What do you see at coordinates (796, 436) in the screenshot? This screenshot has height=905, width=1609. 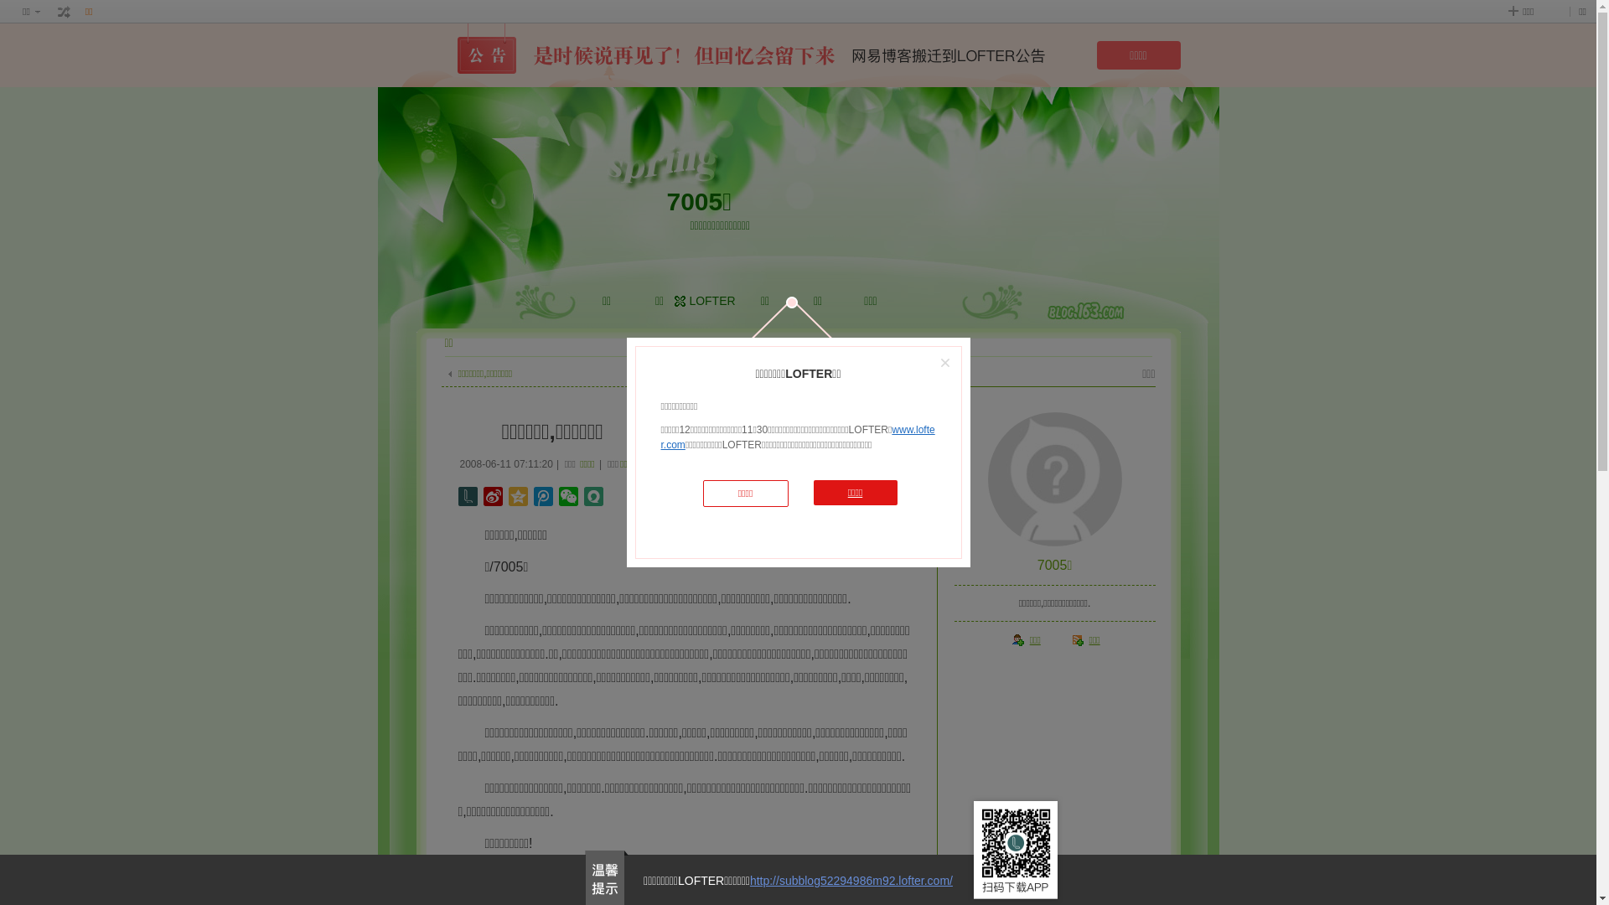 I see `'www.lofter.com'` at bounding box center [796, 436].